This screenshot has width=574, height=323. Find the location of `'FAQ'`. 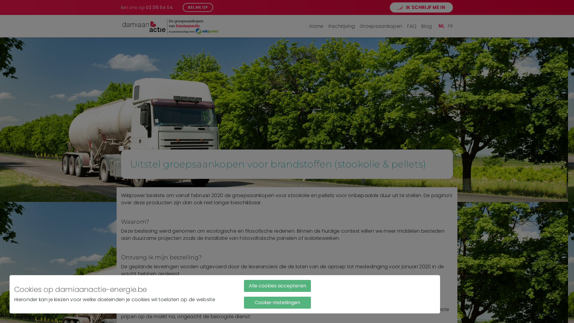

'FAQ' is located at coordinates (411, 26).